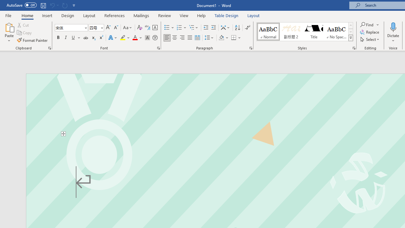 The image size is (405, 228). Describe the element at coordinates (314, 32) in the screenshot. I see `'Title'` at that location.